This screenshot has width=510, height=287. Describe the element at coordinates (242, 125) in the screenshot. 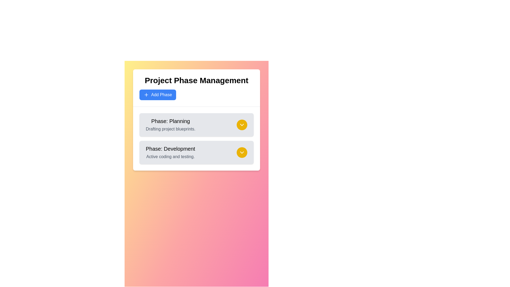

I see `the circular yellow button icon that reveals additional options related to 'Phase: Development'` at that location.